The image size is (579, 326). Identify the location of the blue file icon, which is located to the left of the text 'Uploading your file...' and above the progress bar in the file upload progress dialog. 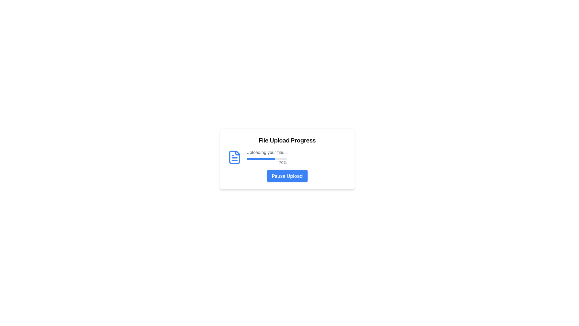
(234, 157).